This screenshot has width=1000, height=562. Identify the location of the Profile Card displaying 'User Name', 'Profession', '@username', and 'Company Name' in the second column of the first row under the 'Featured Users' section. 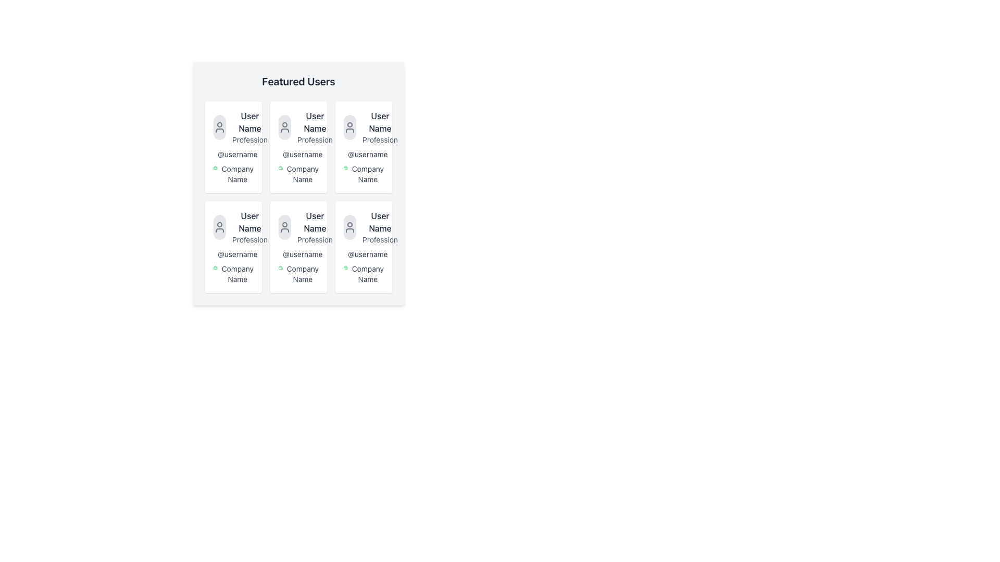
(298, 147).